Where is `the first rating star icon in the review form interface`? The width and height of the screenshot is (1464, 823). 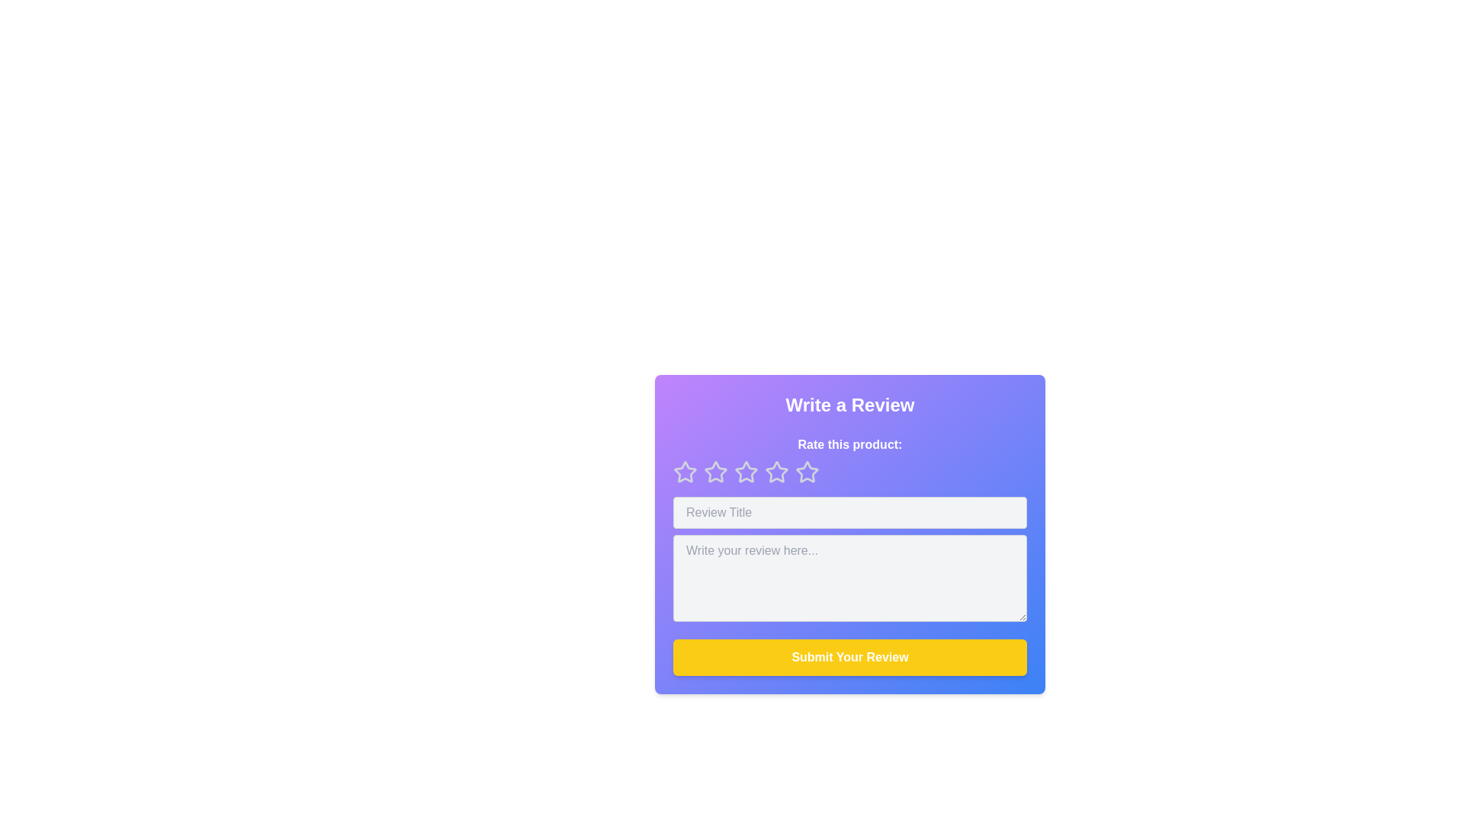
the first rating star icon in the review form interface is located at coordinates (684, 471).